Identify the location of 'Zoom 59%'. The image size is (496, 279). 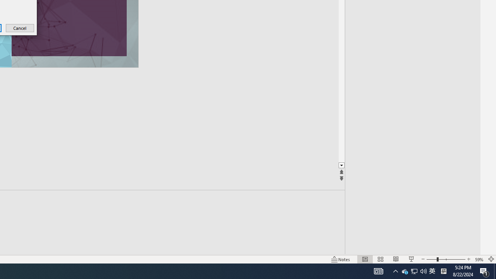
(479, 259).